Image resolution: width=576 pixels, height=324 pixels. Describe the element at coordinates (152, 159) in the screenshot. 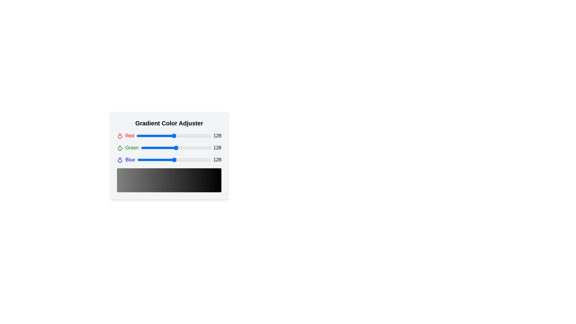

I see `the blue color slider to 52` at that location.